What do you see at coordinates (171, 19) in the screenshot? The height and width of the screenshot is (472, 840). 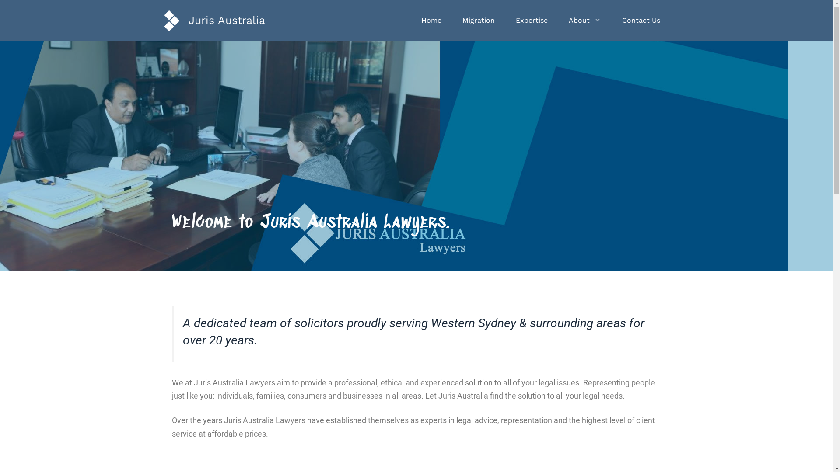 I see `'Juris Australia'` at bounding box center [171, 19].